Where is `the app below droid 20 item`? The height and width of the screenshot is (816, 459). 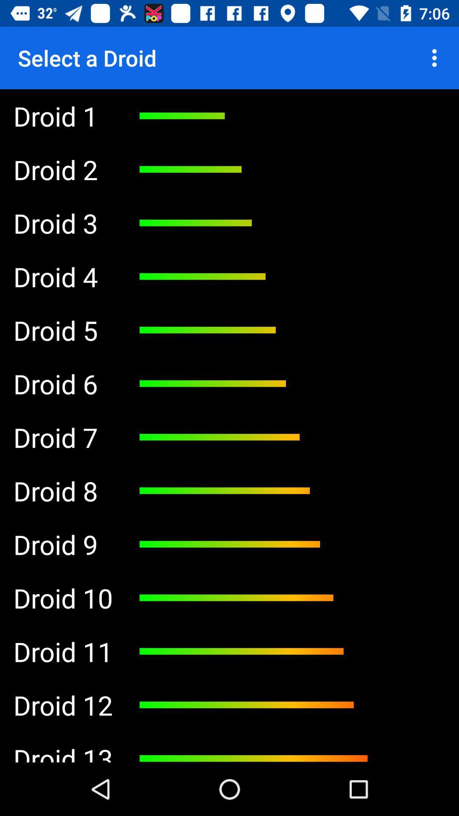 the app below droid 20 item is located at coordinates (62, 597).